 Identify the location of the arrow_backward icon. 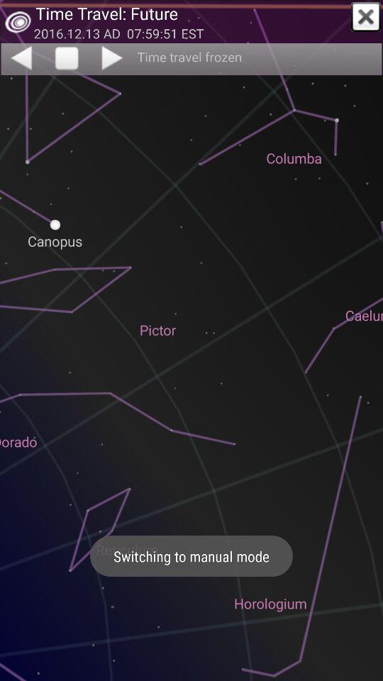
(20, 57).